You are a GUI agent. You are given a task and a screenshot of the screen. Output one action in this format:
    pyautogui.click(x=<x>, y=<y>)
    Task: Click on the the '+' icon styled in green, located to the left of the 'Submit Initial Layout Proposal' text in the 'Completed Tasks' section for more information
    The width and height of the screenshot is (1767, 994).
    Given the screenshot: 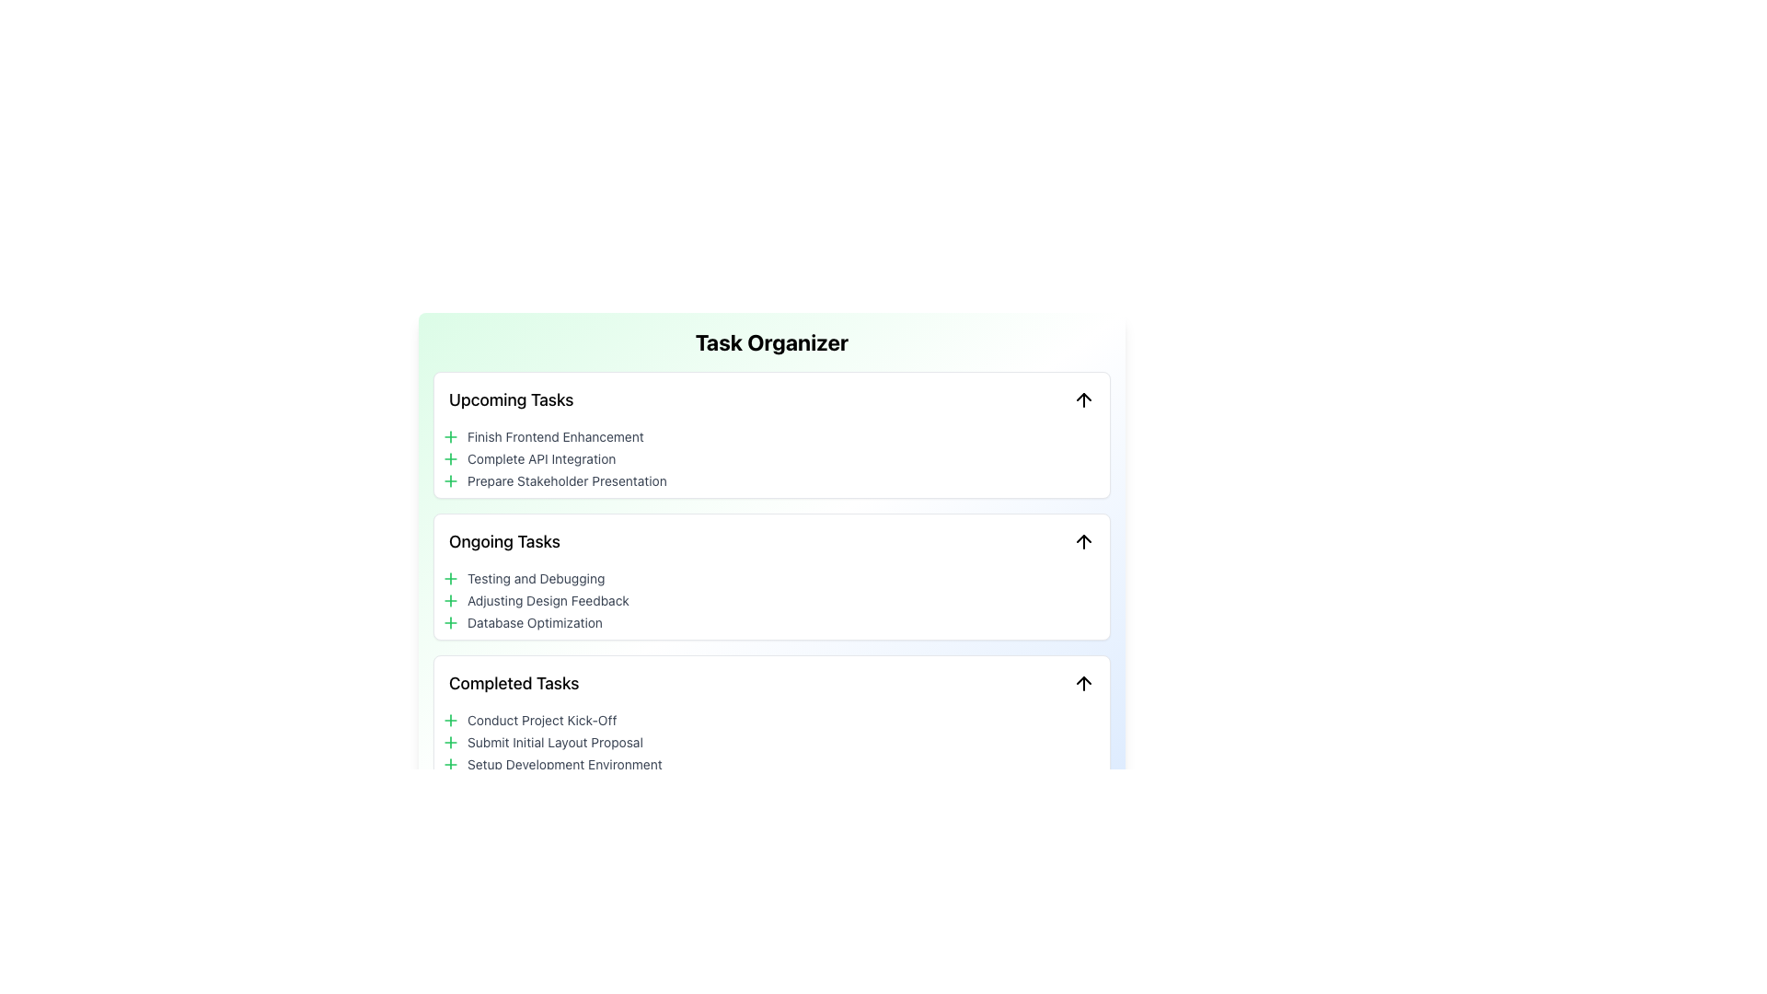 What is the action you would take?
    pyautogui.click(x=450, y=741)
    